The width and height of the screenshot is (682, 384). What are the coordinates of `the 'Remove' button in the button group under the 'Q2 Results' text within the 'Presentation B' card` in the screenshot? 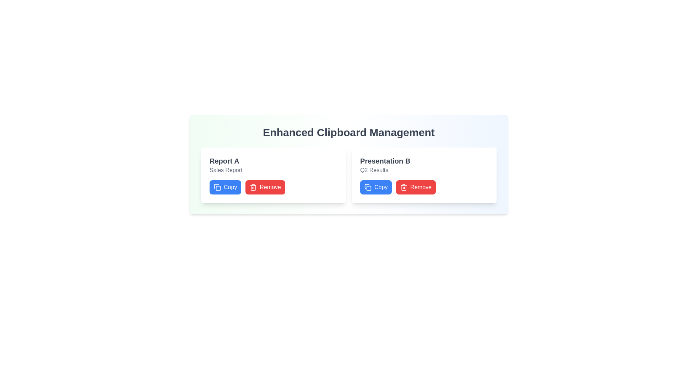 It's located at (398, 187).